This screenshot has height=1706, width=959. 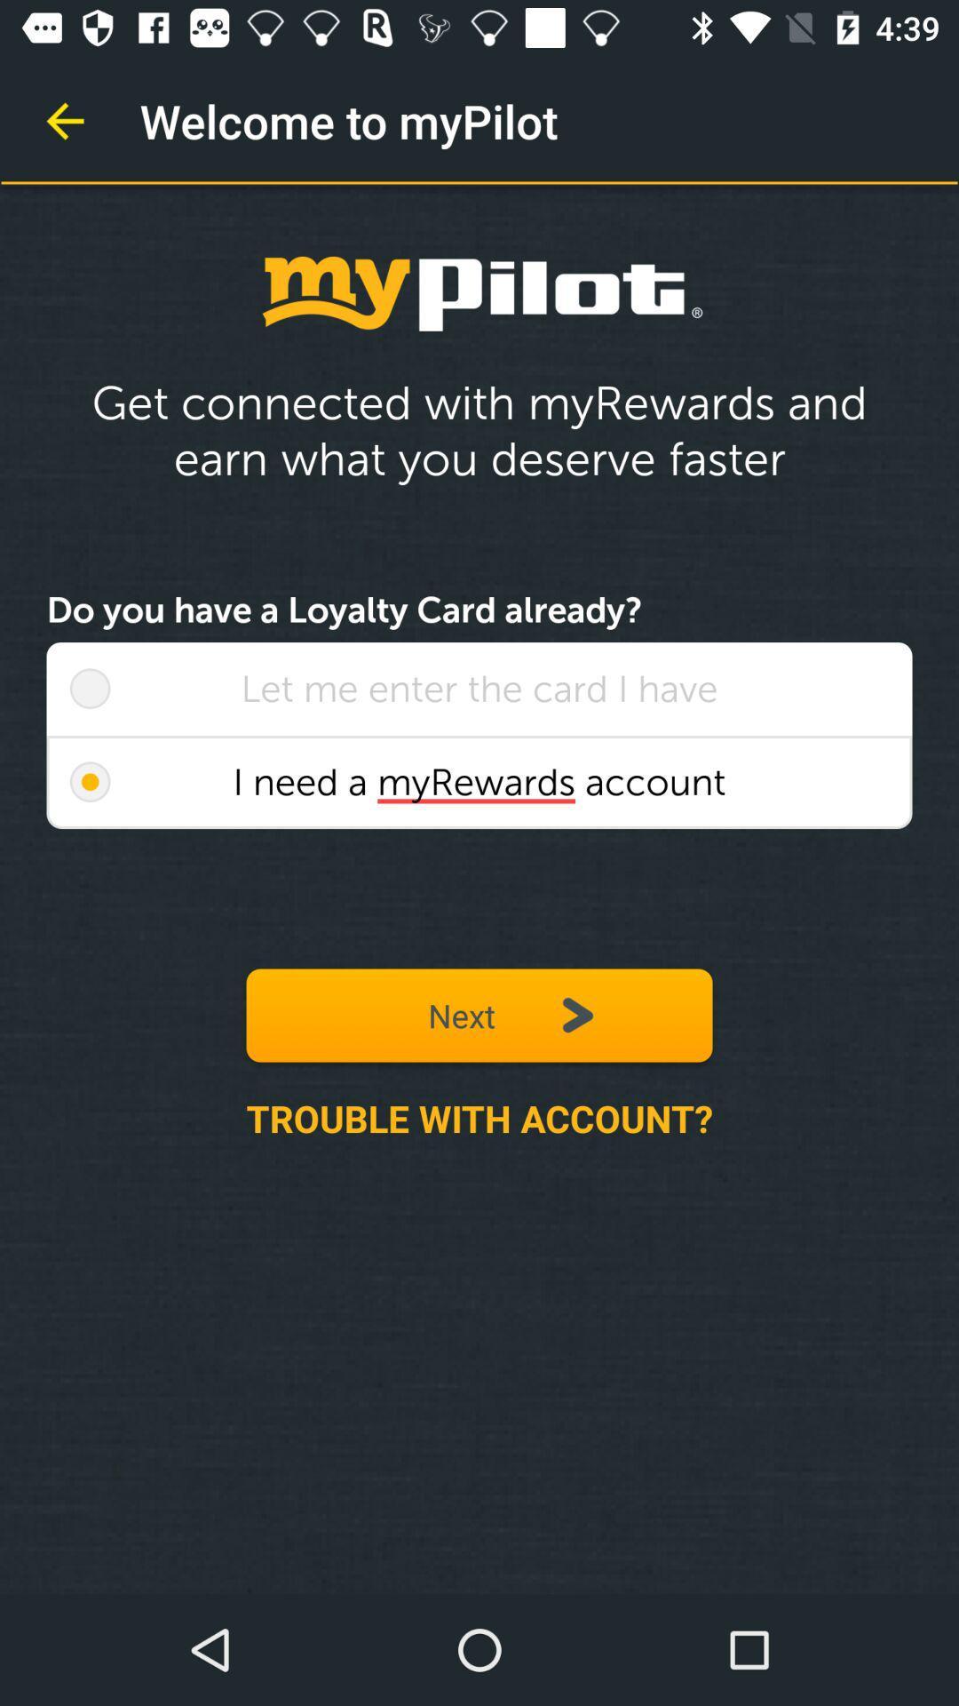 I want to click on icon above next item, so click(x=479, y=782).